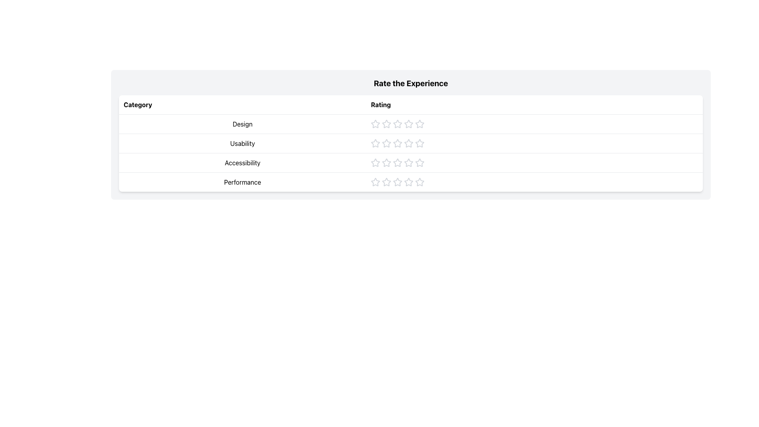 The height and width of the screenshot is (427, 759). I want to click on an individual star in the Rating Row for the 'Rate the Experience' section, specifically located in the third row of the table aligned with the 'Accessibility' row, so click(534, 162).